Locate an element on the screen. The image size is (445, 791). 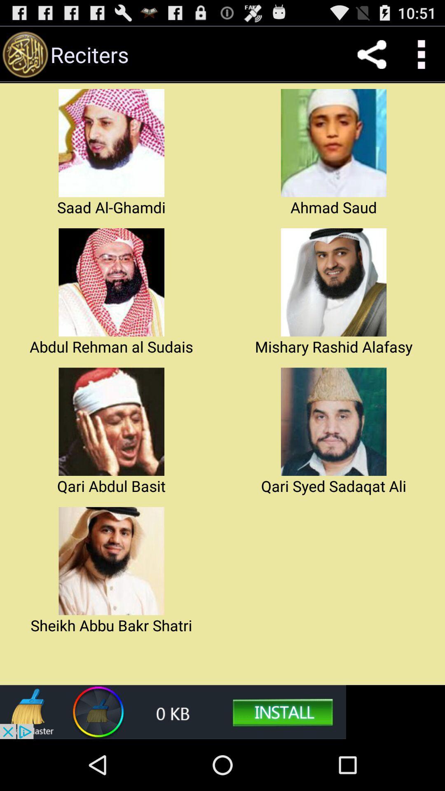
for advertisement is located at coordinates (173, 711).